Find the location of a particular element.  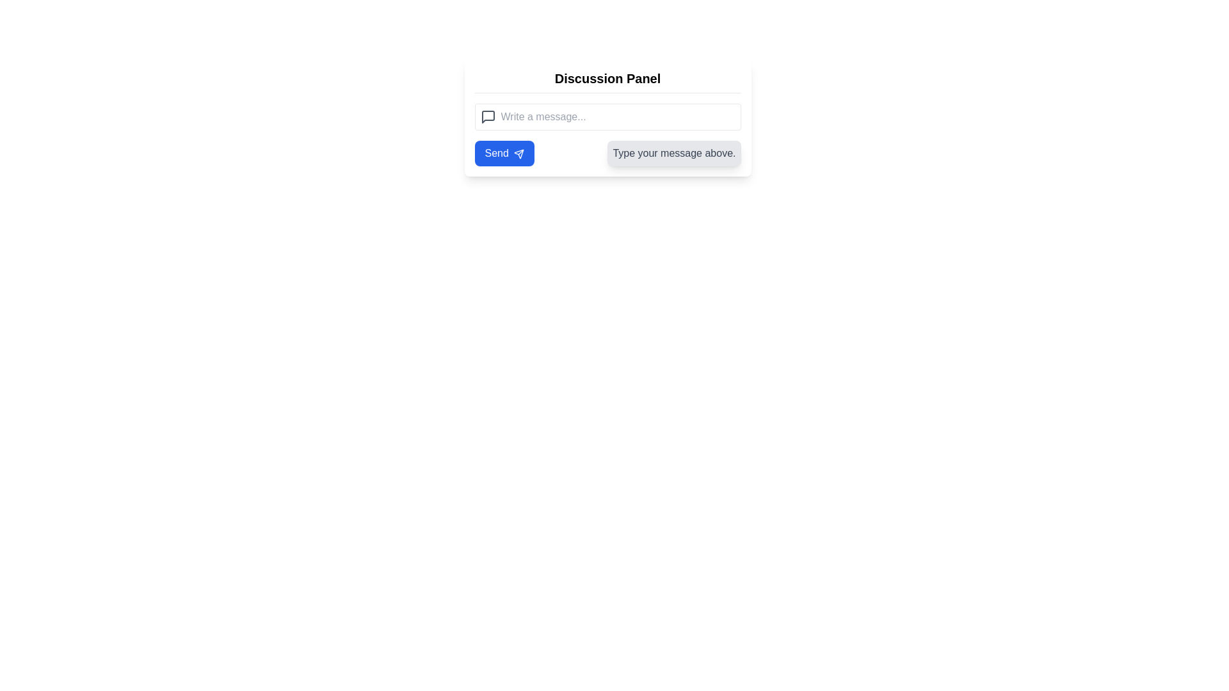

the design of the icon located on the left side of the 'Write a message...' input field within the discussion panel layout is located at coordinates (487, 116).